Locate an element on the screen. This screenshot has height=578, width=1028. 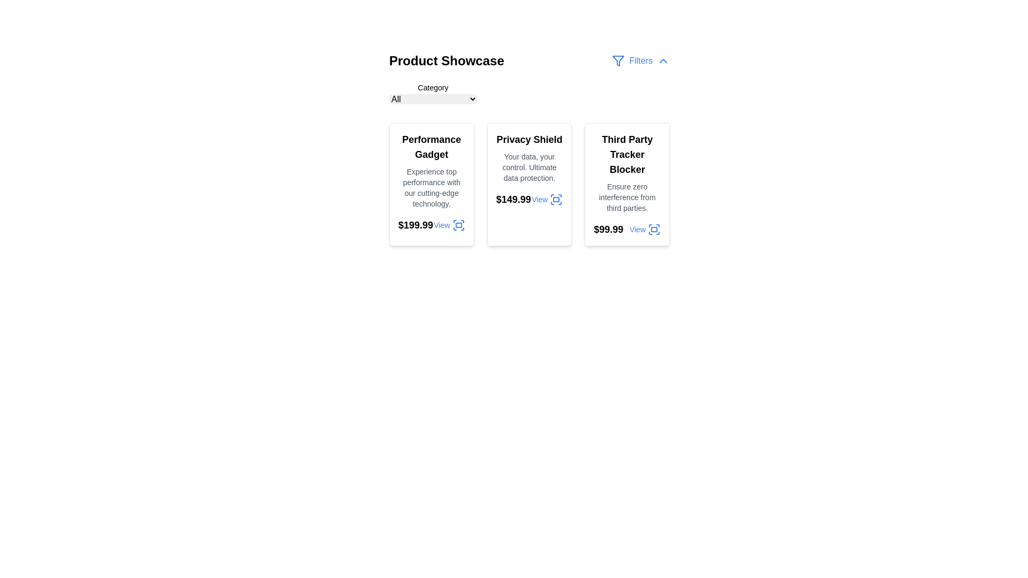
the link in the third card from the left in the horizontally aligned card group is located at coordinates (627, 229).